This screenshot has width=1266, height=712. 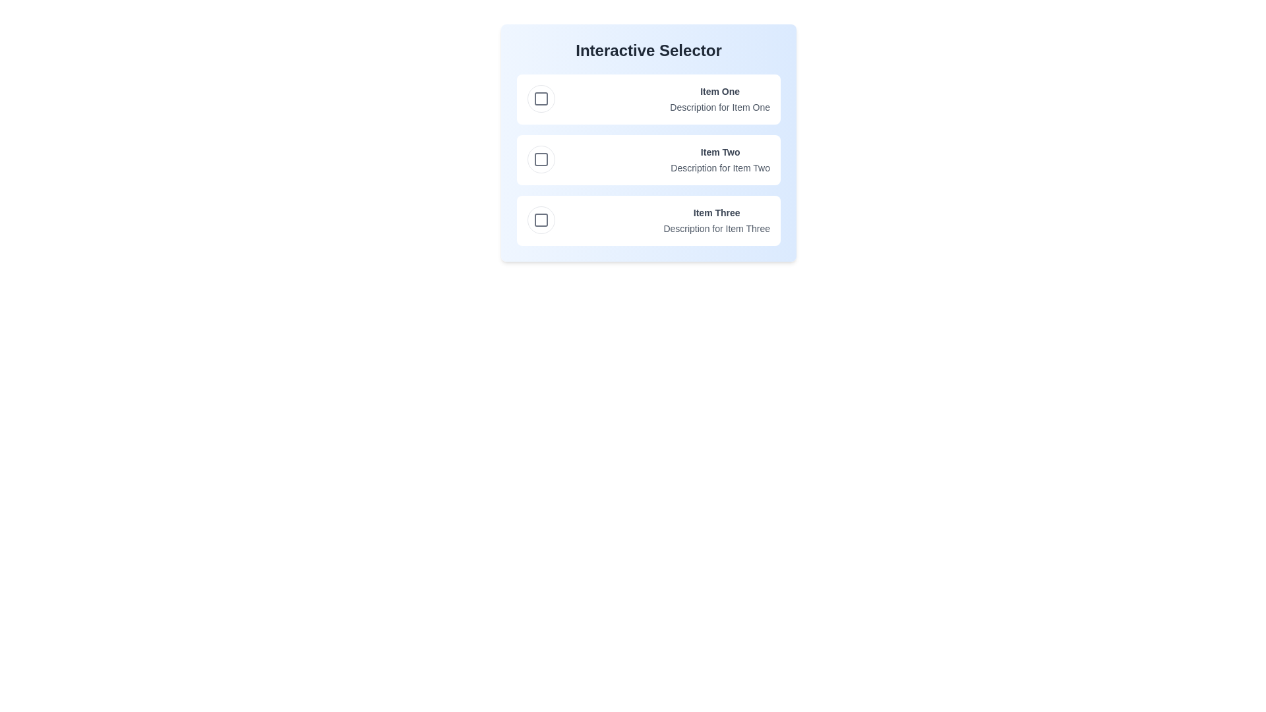 What do you see at coordinates (541, 159) in the screenshot?
I see `the checkbox` at bounding box center [541, 159].